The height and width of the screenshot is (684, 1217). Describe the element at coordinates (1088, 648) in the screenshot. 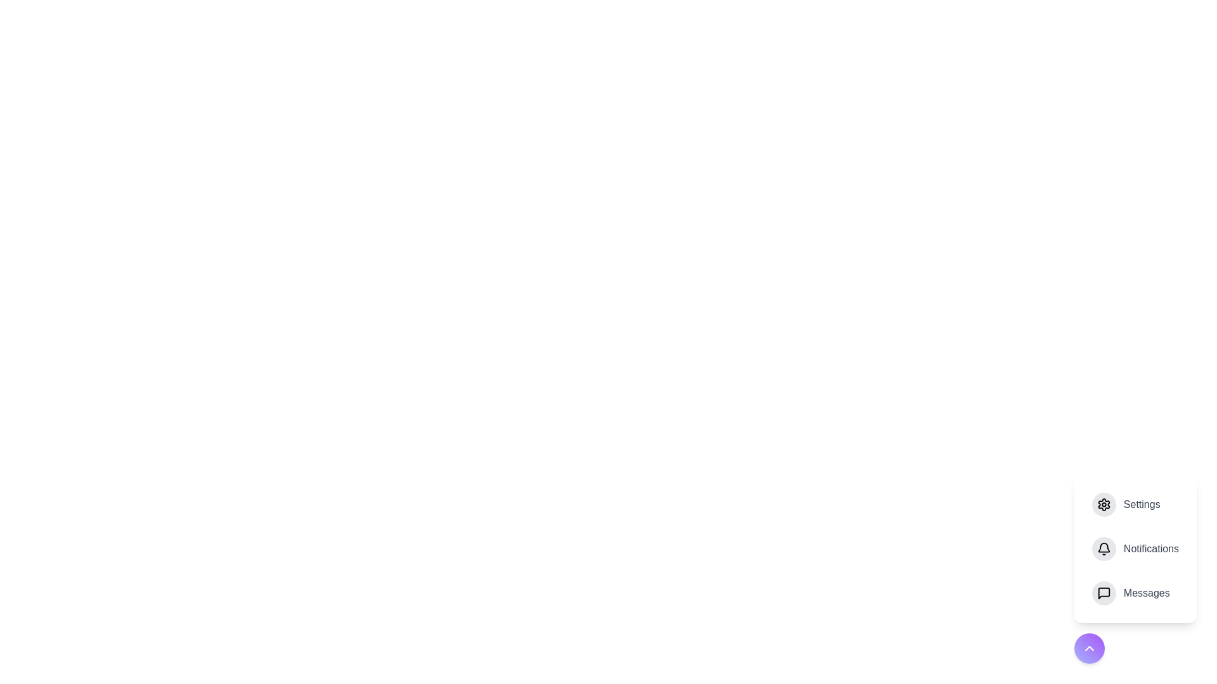

I see `floating action button to toggle the menu visibility` at that location.